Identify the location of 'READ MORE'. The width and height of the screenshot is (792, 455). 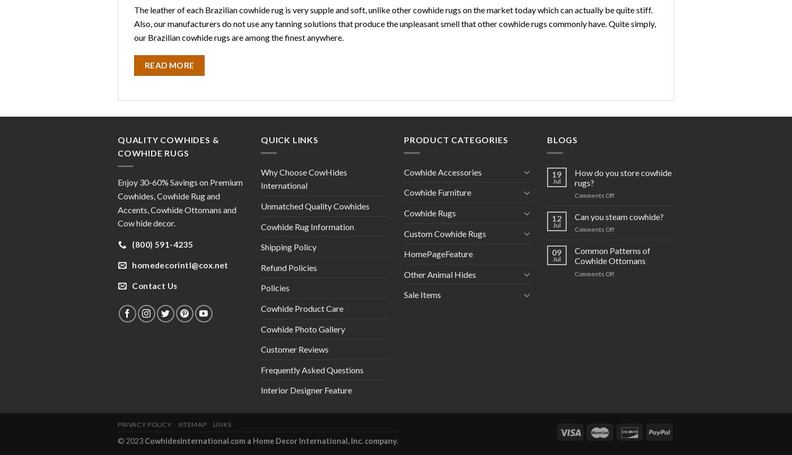
(168, 65).